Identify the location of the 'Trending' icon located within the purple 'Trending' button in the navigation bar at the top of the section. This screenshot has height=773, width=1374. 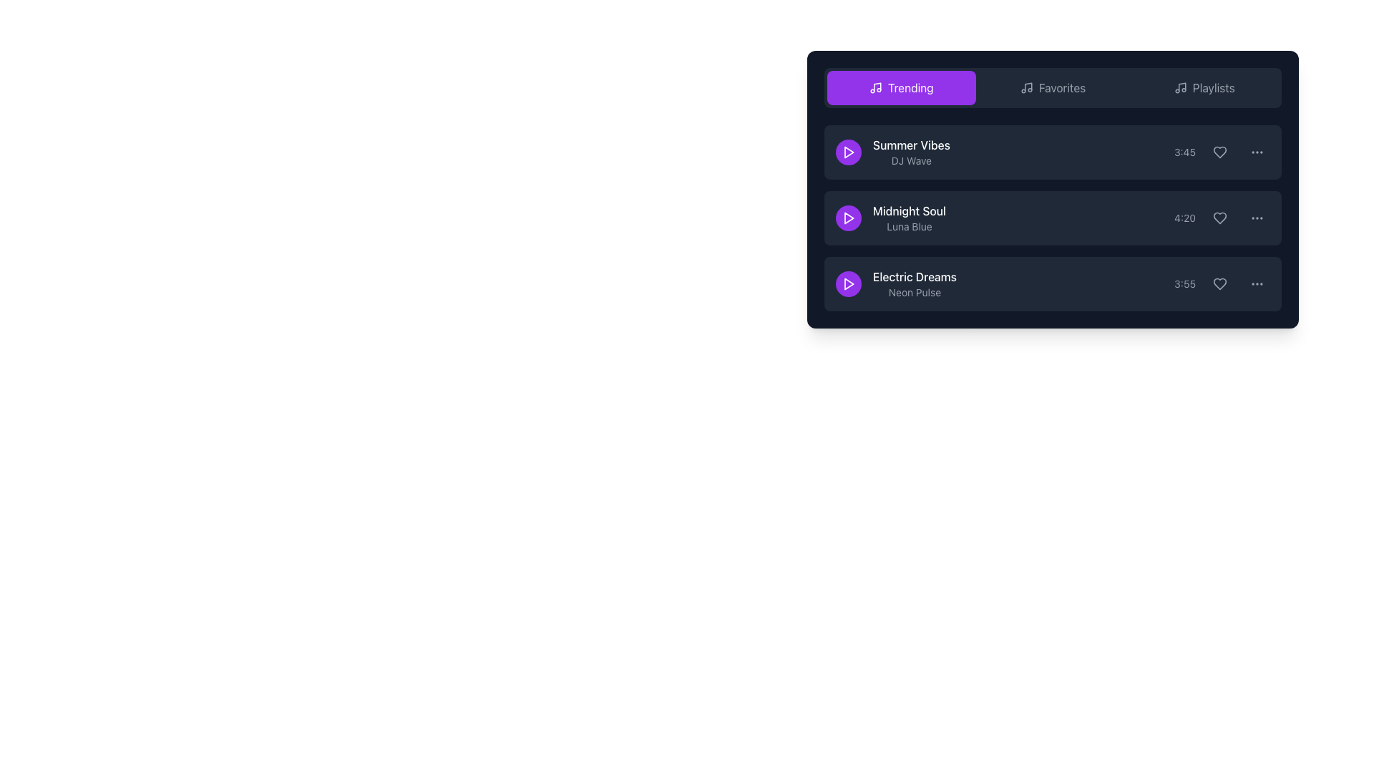
(875, 88).